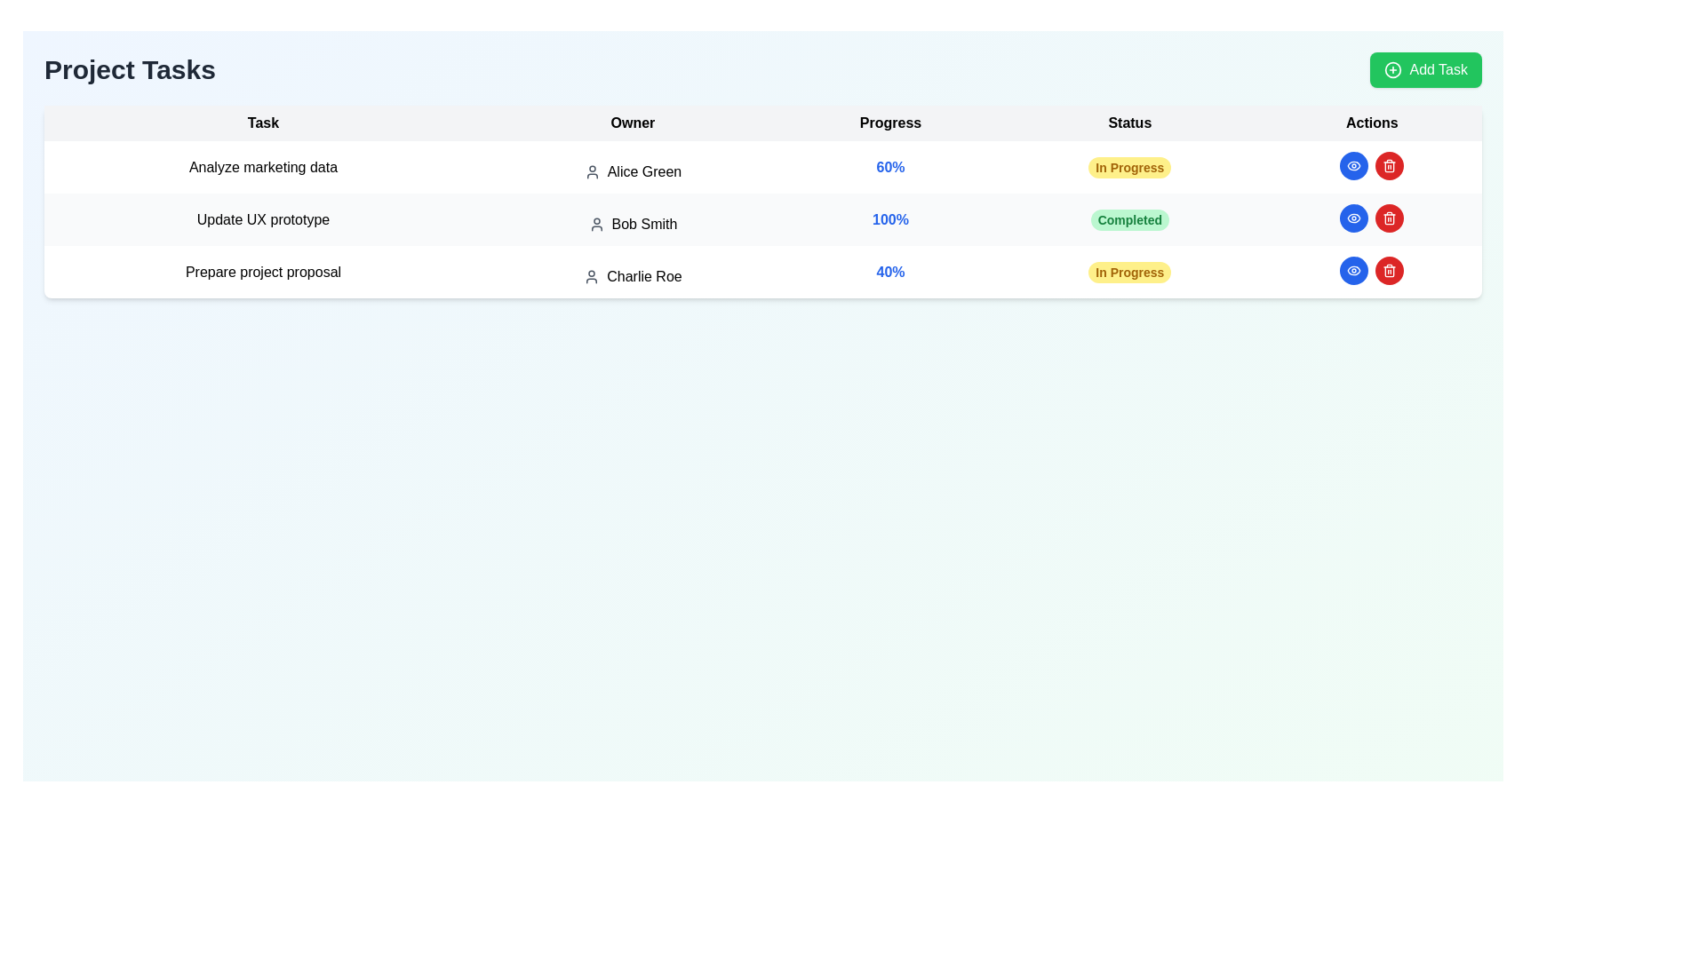  Describe the element at coordinates (633, 171) in the screenshot. I see `the user icon text in the 'Owner' column of the first row` at that location.